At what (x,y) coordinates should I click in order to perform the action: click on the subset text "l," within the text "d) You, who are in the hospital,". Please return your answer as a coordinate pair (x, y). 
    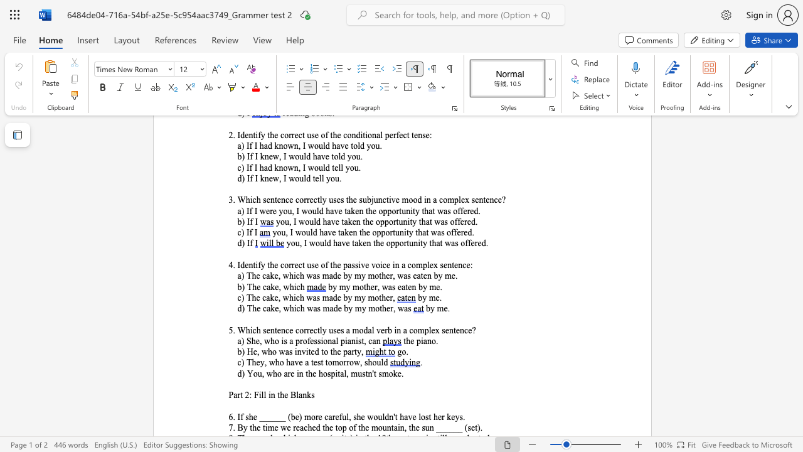
    Looking at the image, I should click on (344, 373).